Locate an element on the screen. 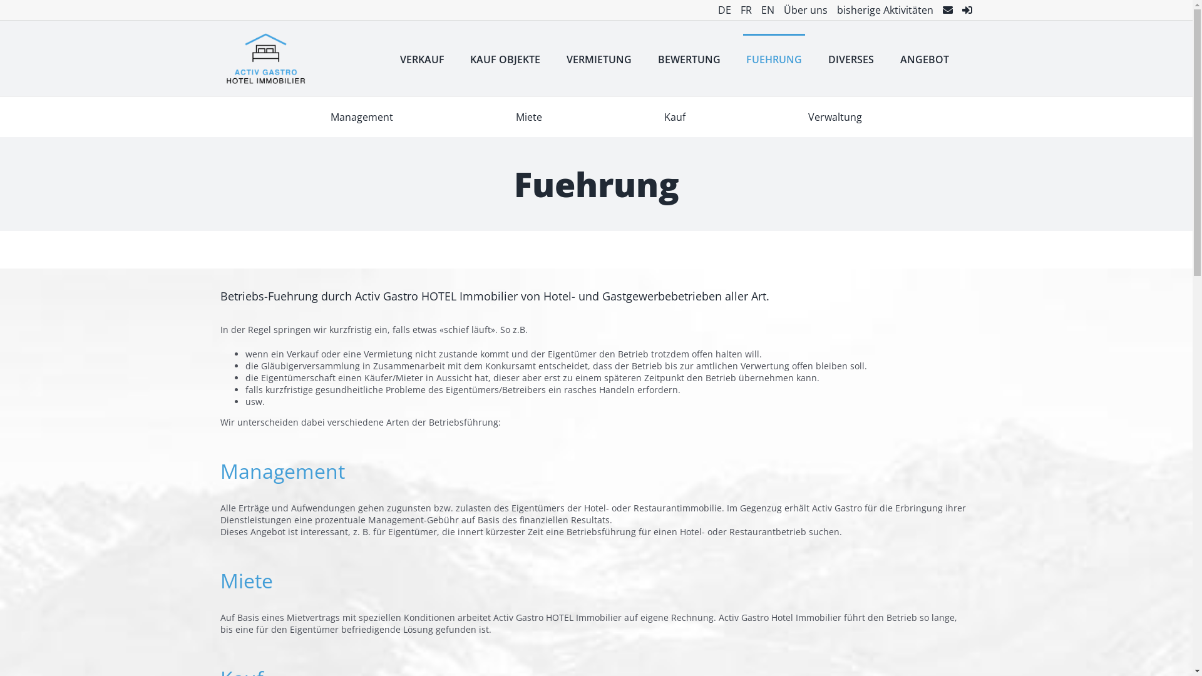 The image size is (1202, 676). 'VERMIETUNG' is located at coordinates (563, 58).